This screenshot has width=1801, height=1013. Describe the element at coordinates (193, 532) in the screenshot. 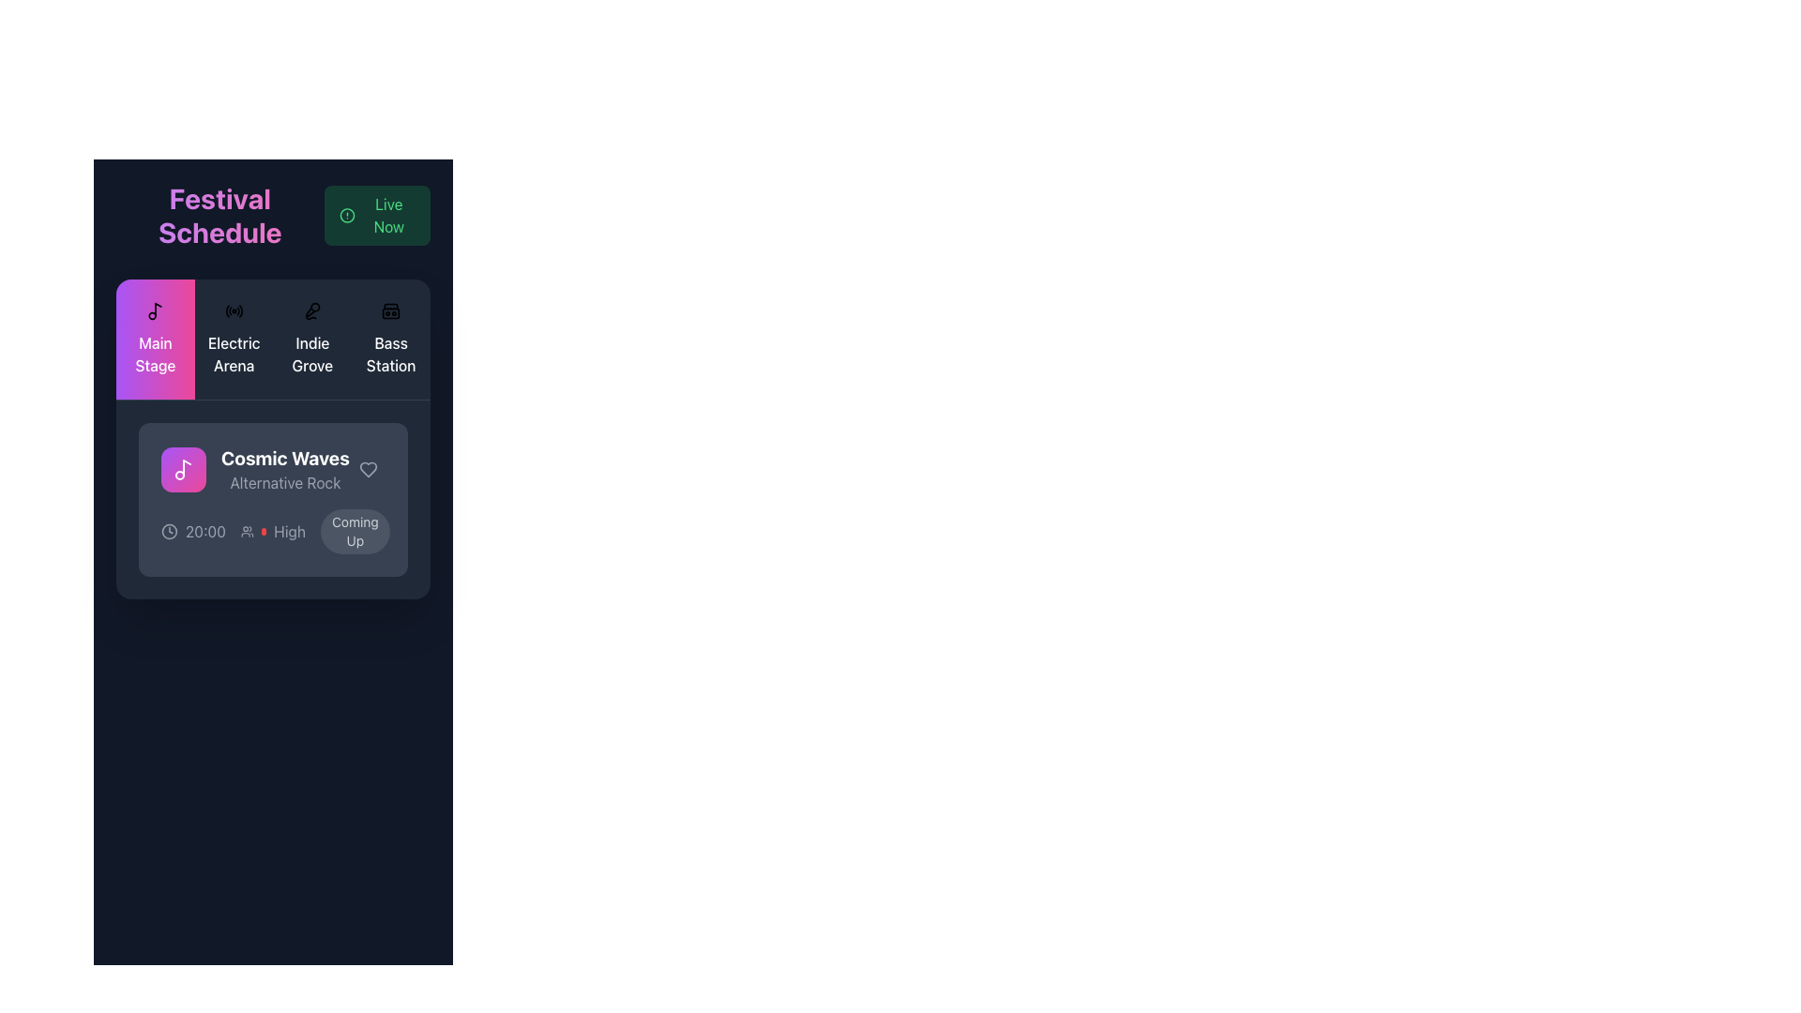

I see `the Time indicator with an associated icon that displays the scheduled time of the event 'Cosmic Waves', located as the leftmost item in the metadata row beneath the event` at that location.